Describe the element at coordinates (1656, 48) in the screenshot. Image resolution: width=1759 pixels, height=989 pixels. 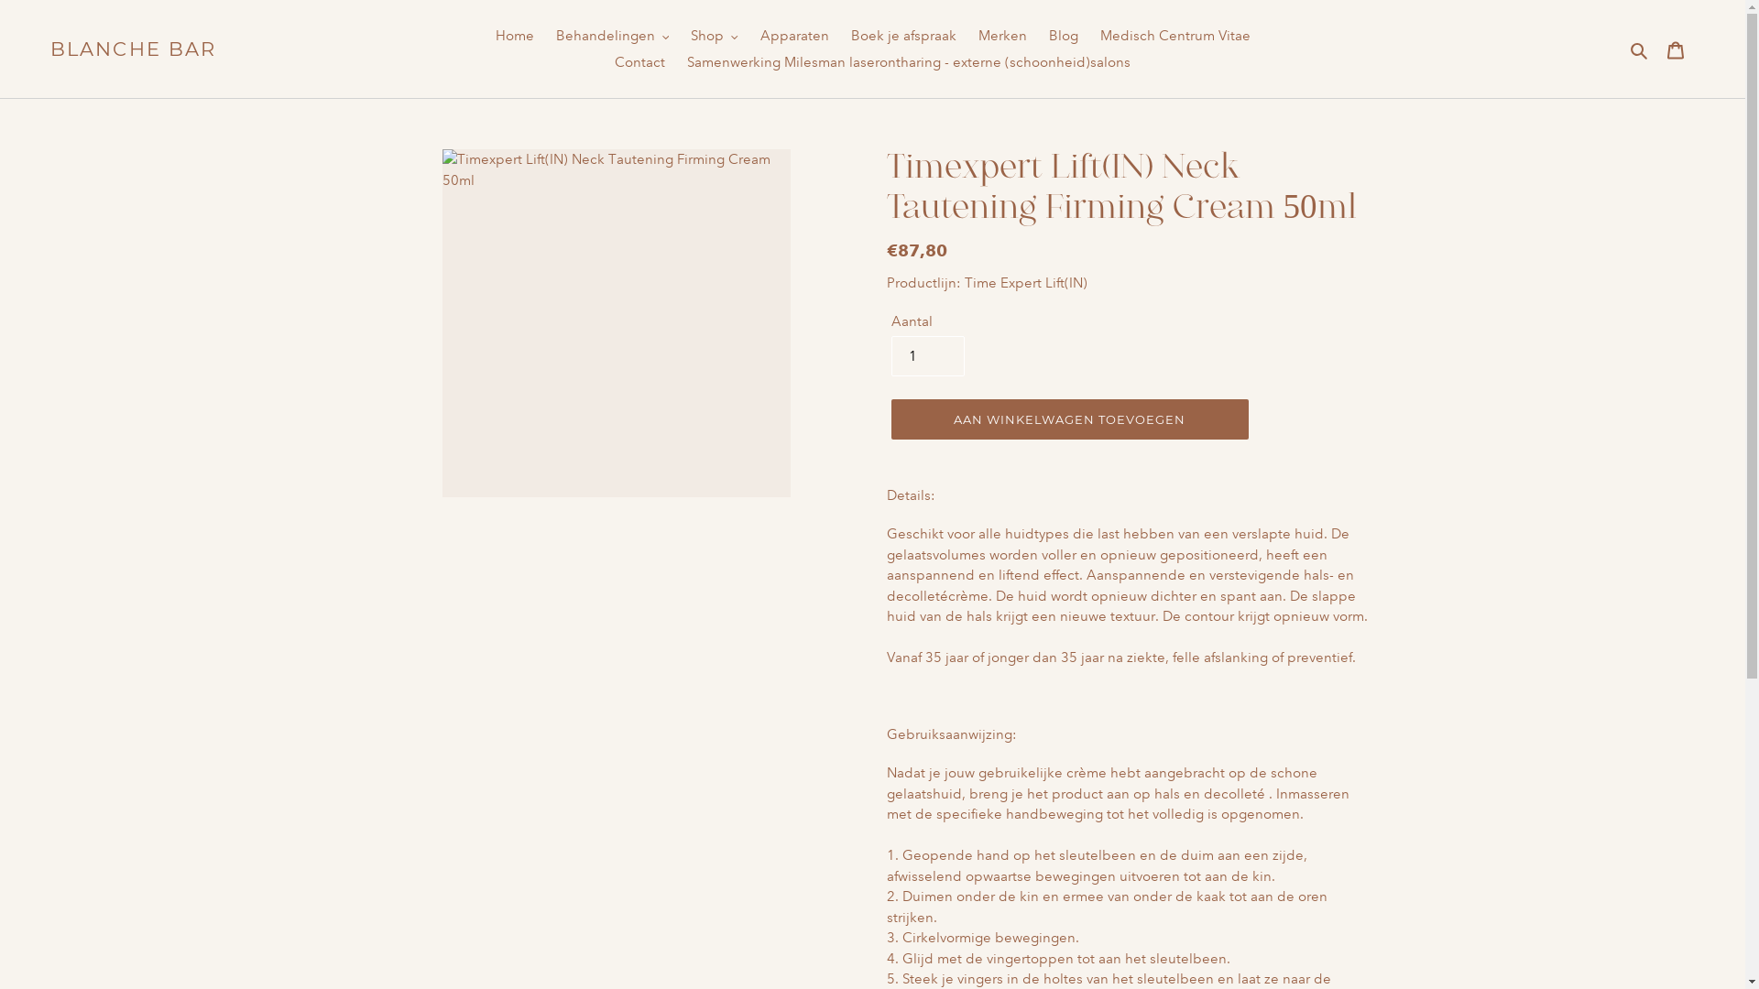
I see `'Winkelwagen'` at that location.